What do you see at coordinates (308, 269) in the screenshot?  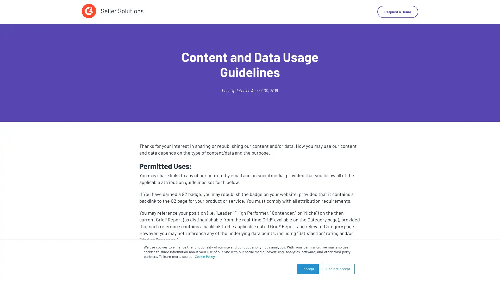 I see `I accept` at bounding box center [308, 269].